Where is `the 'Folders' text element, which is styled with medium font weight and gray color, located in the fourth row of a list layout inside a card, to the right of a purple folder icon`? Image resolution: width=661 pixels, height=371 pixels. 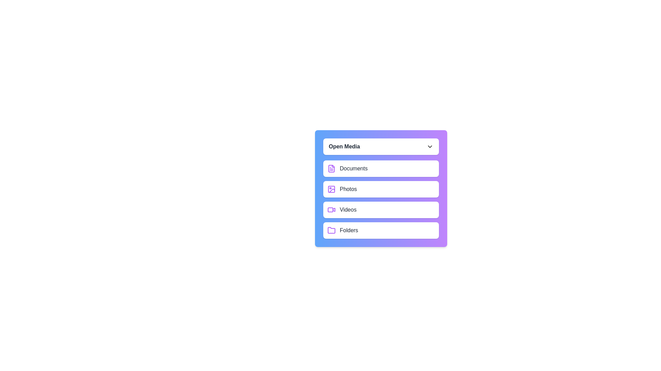
the 'Folders' text element, which is styled with medium font weight and gray color, located in the fourth row of a list layout inside a card, to the right of a purple folder icon is located at coordinates (349, 231).